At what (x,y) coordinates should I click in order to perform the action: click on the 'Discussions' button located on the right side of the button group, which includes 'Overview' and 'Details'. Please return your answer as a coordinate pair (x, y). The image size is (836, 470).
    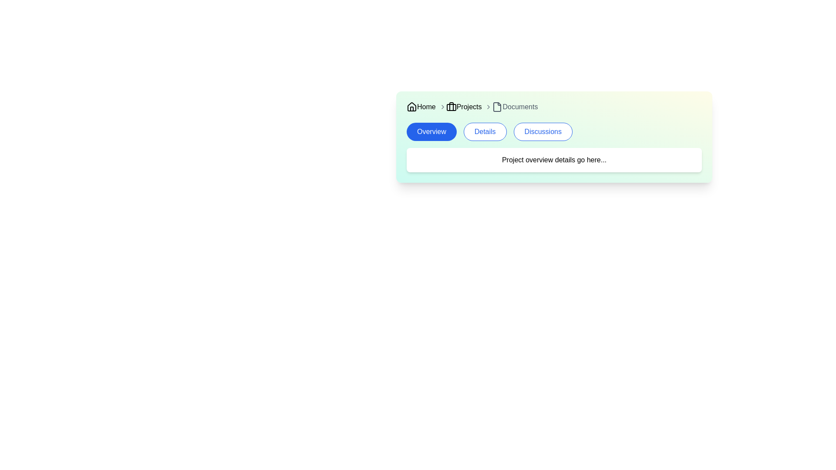
    Looking at the image, I should click on (543, 132).